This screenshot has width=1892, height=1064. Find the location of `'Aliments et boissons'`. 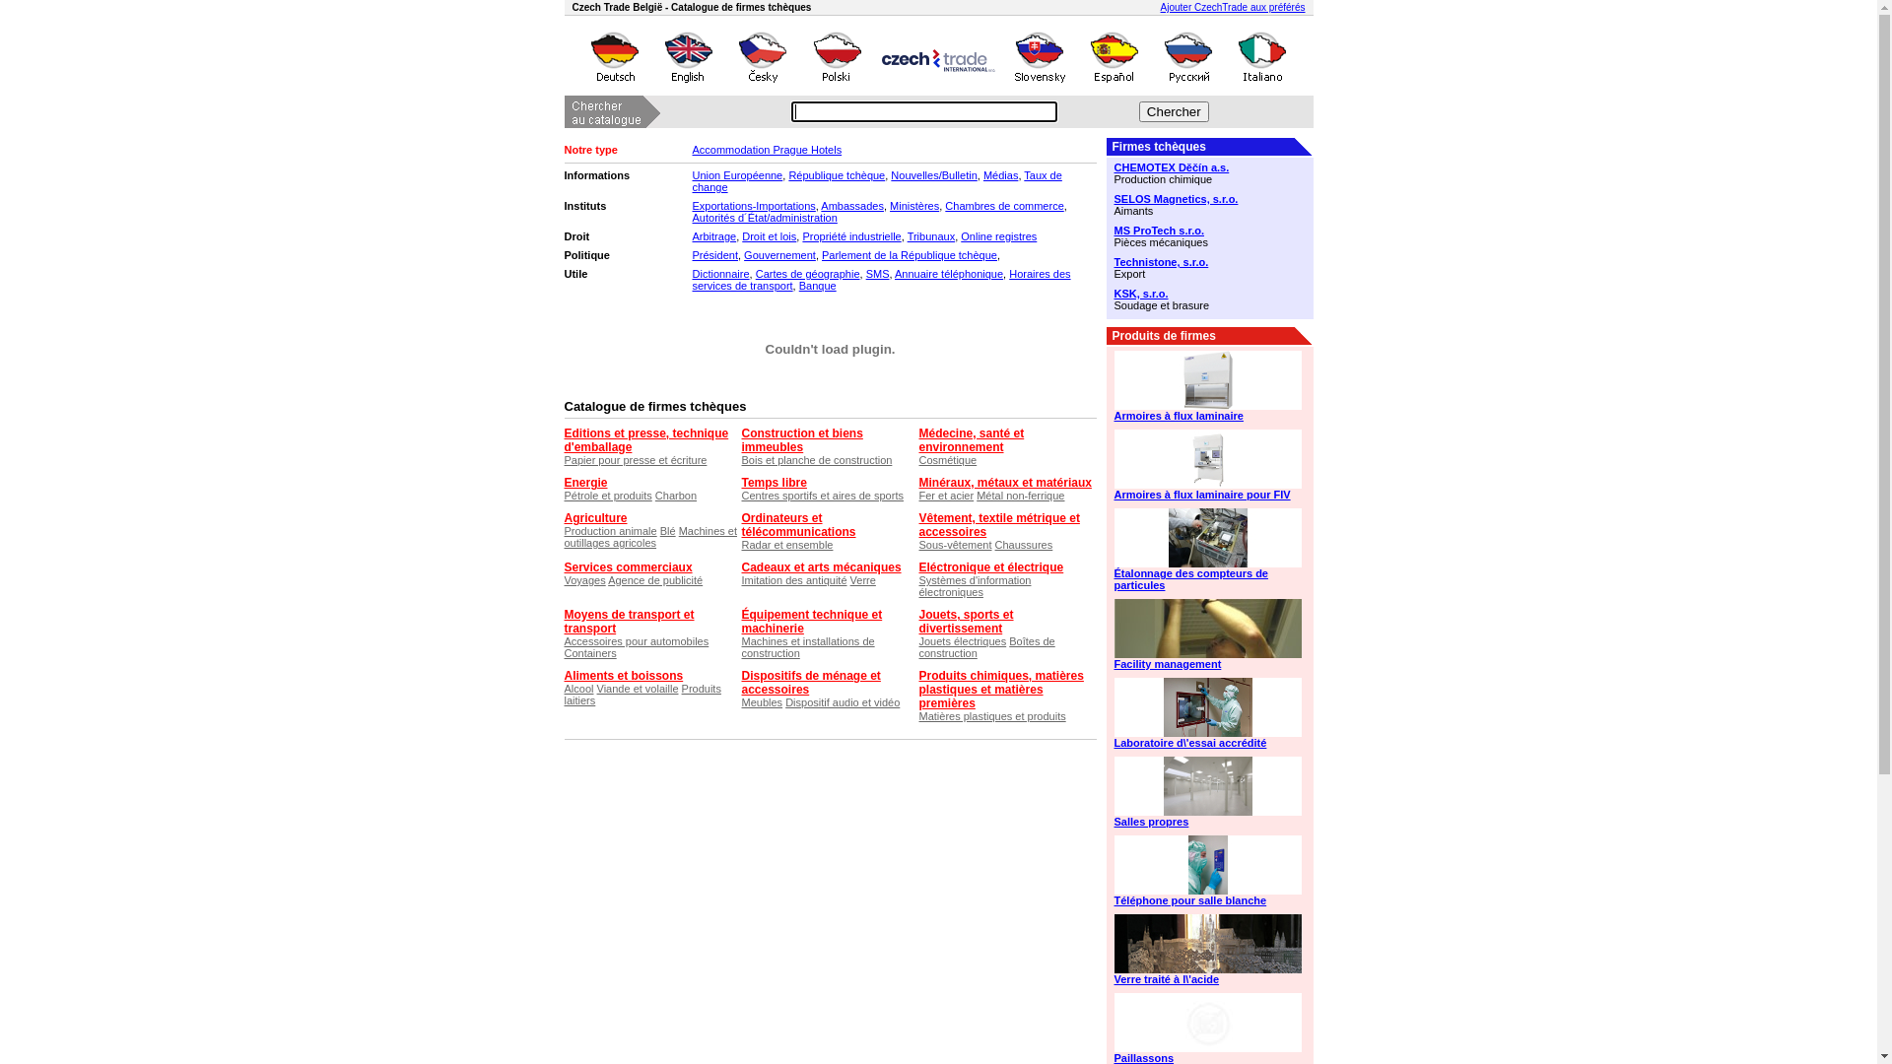

'Aliments et boissons' is located at coordinates (562, 675).